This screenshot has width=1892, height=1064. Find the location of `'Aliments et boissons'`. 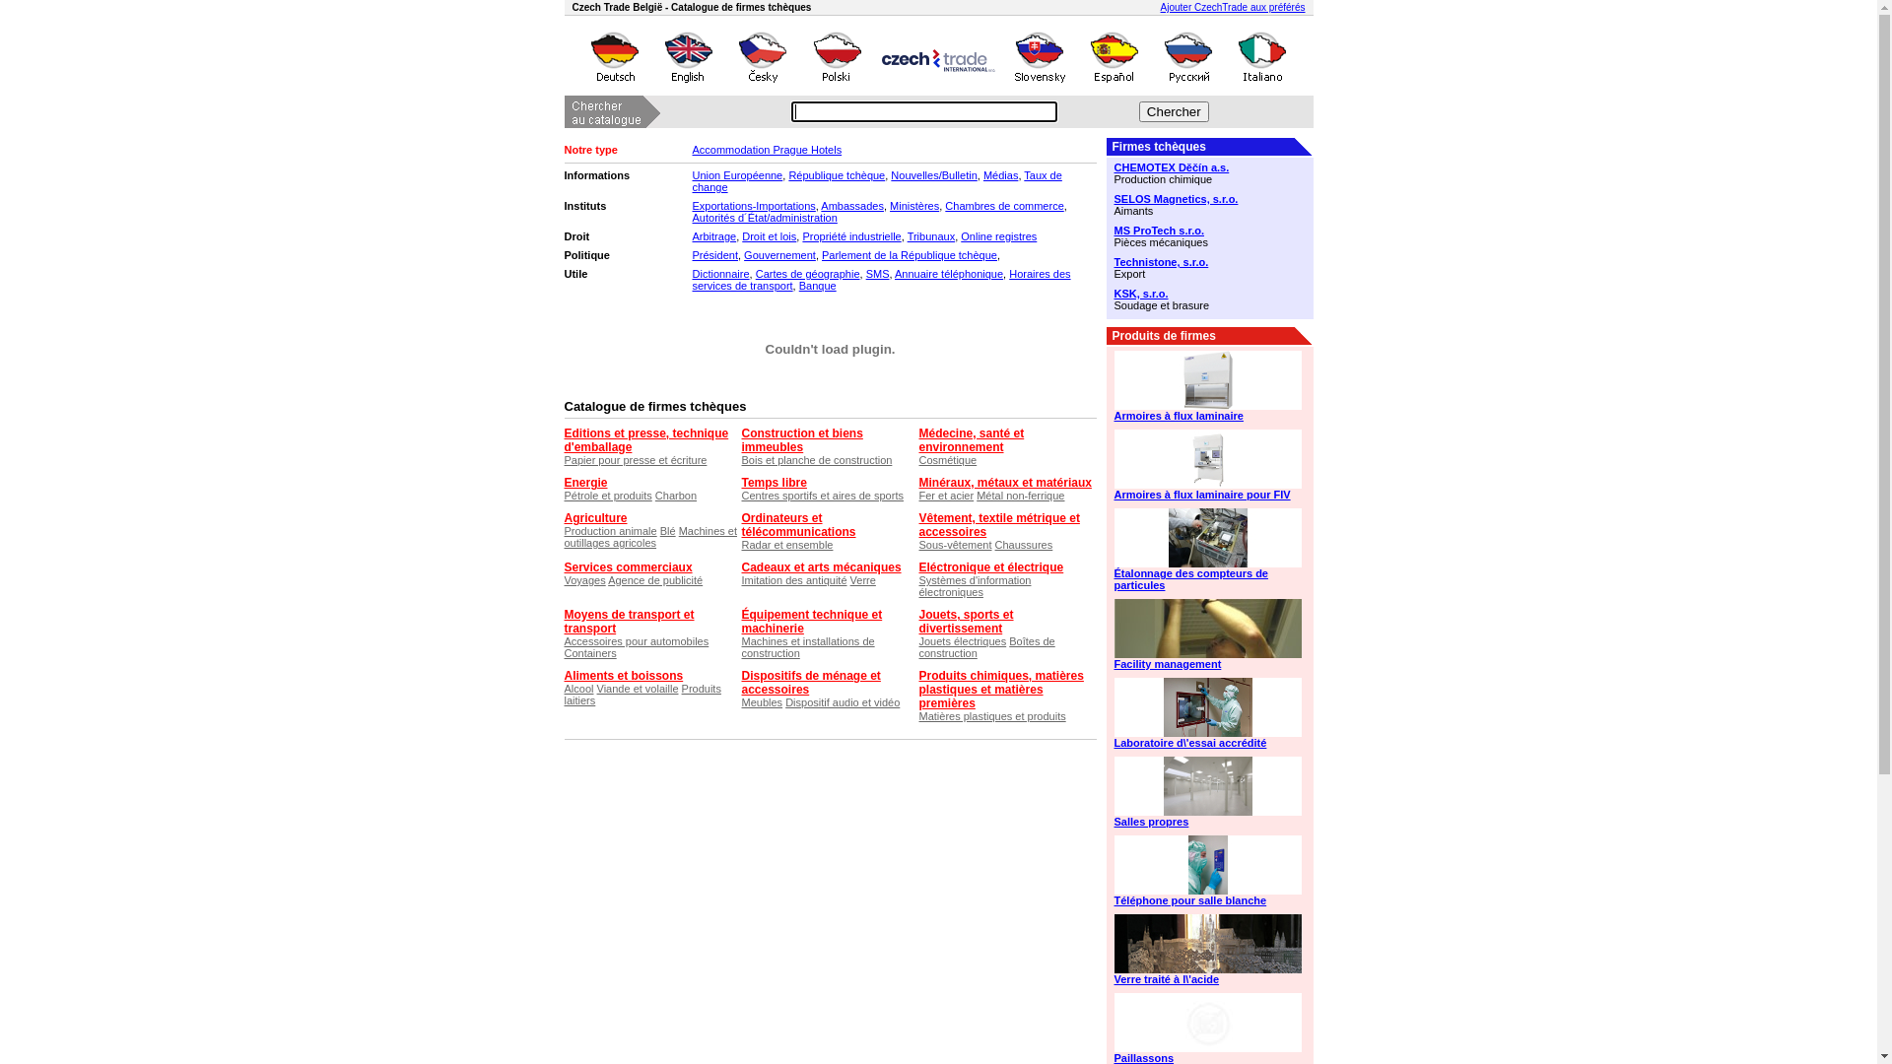

'Aliments et boissons' is located at coordinates (562, 675).